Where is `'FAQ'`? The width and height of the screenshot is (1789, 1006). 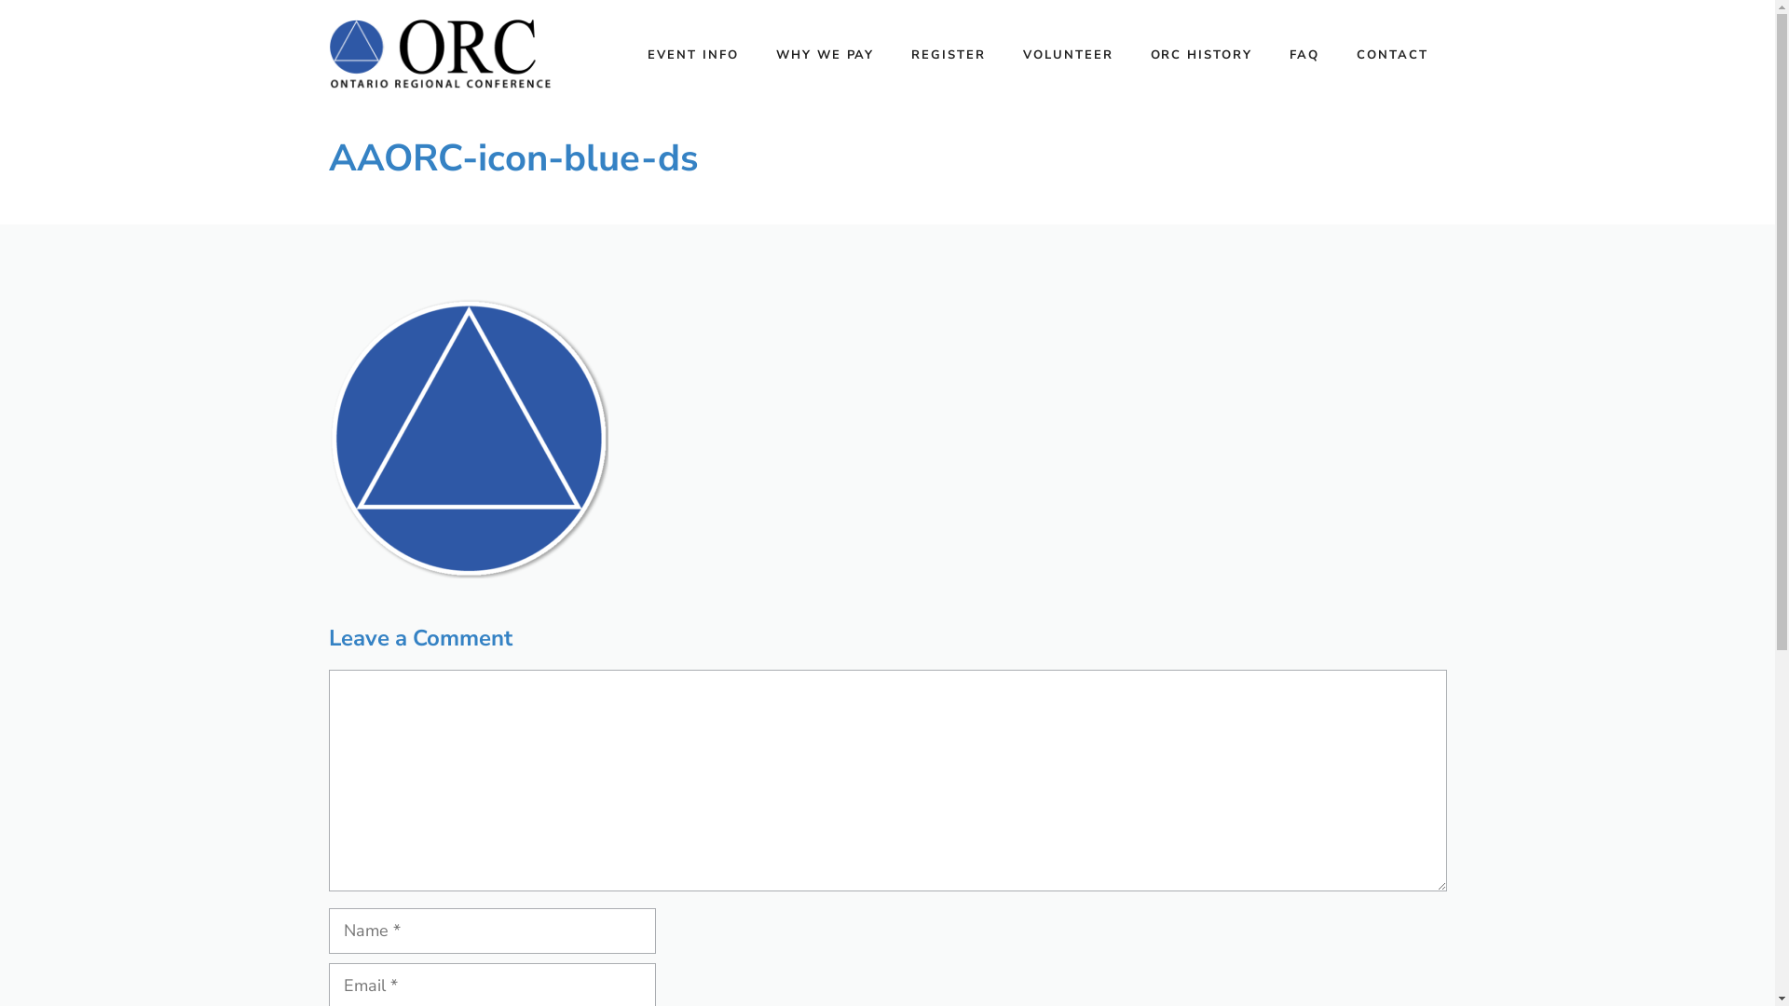 'FAQ' is located at coordinates (1304, 53).